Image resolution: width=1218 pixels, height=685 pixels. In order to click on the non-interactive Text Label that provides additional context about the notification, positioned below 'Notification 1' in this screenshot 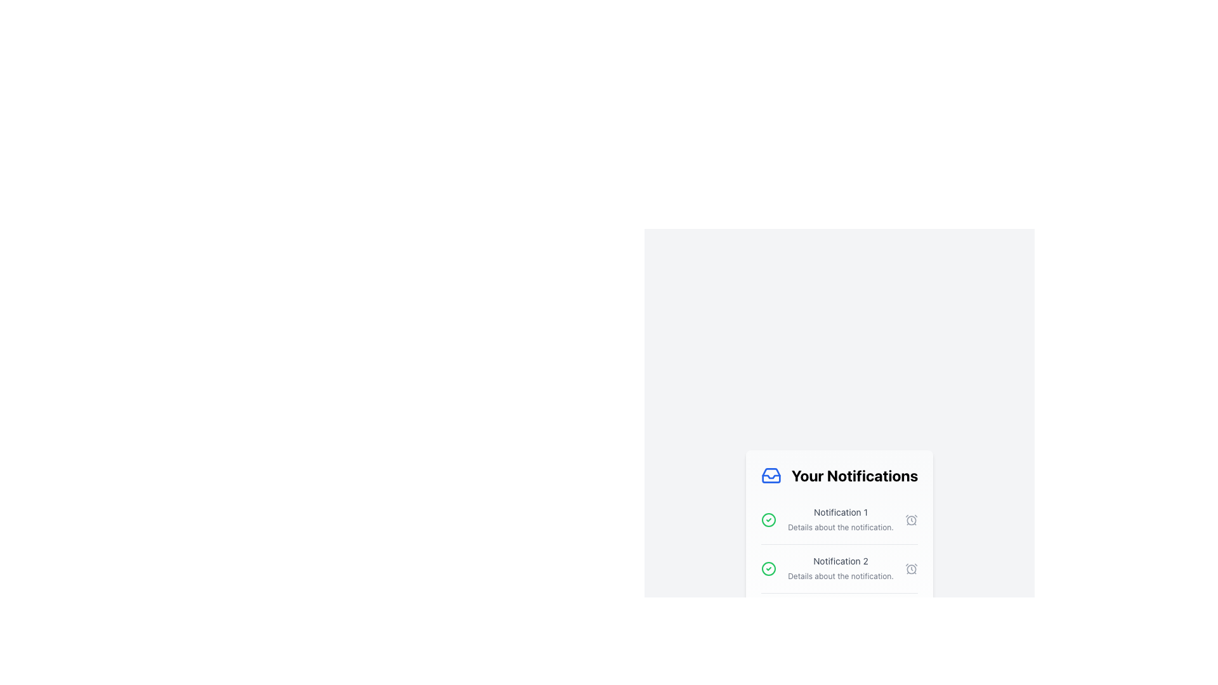, I will do `click(841, 527)`.